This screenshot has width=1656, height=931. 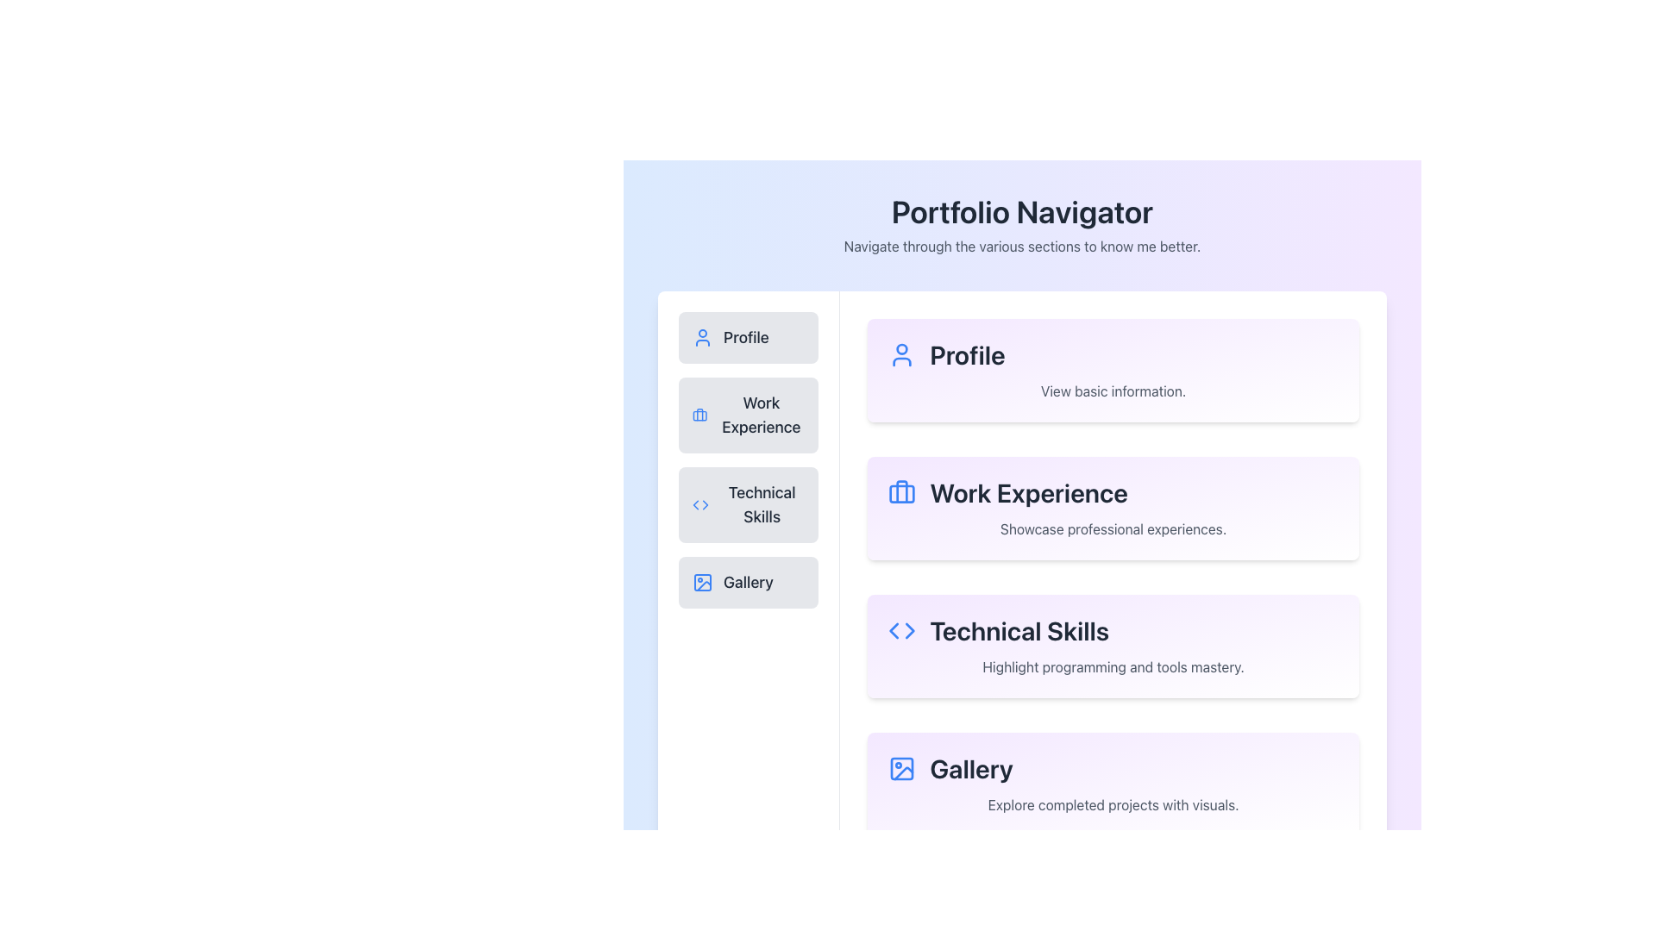 What do you see at coordinates (901, 349) in the screenshot?
I see `the graphical circle element within the user icon located at the top of the navigation menu on the left-hand side of the interface` at bounding box center [901, 349].